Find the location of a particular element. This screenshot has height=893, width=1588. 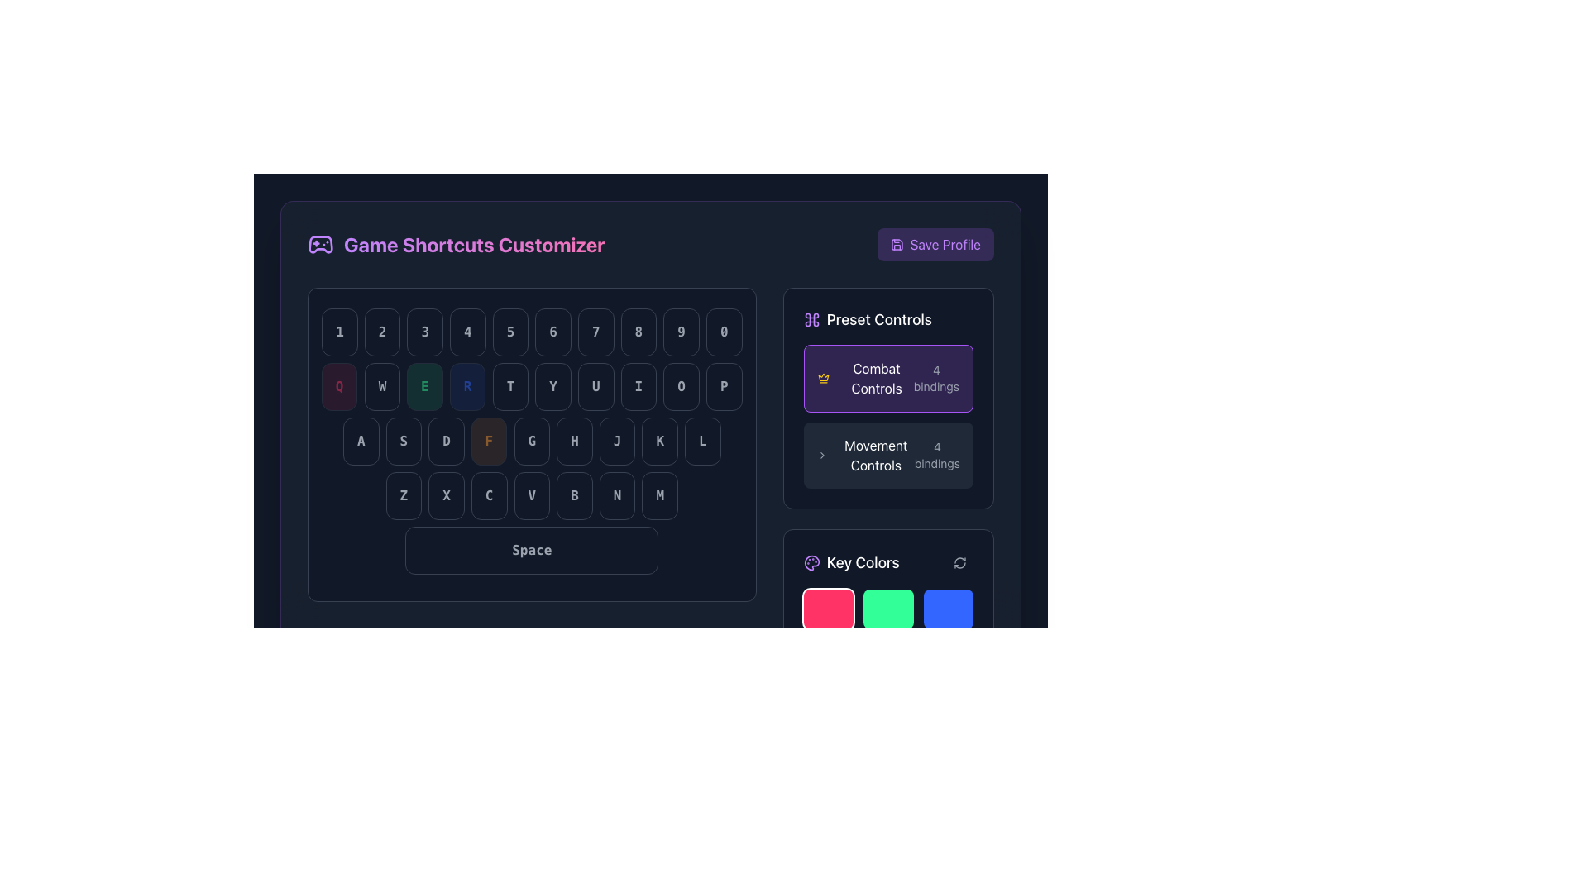

the context menu of the middle button is located at coordinates (532, 386).